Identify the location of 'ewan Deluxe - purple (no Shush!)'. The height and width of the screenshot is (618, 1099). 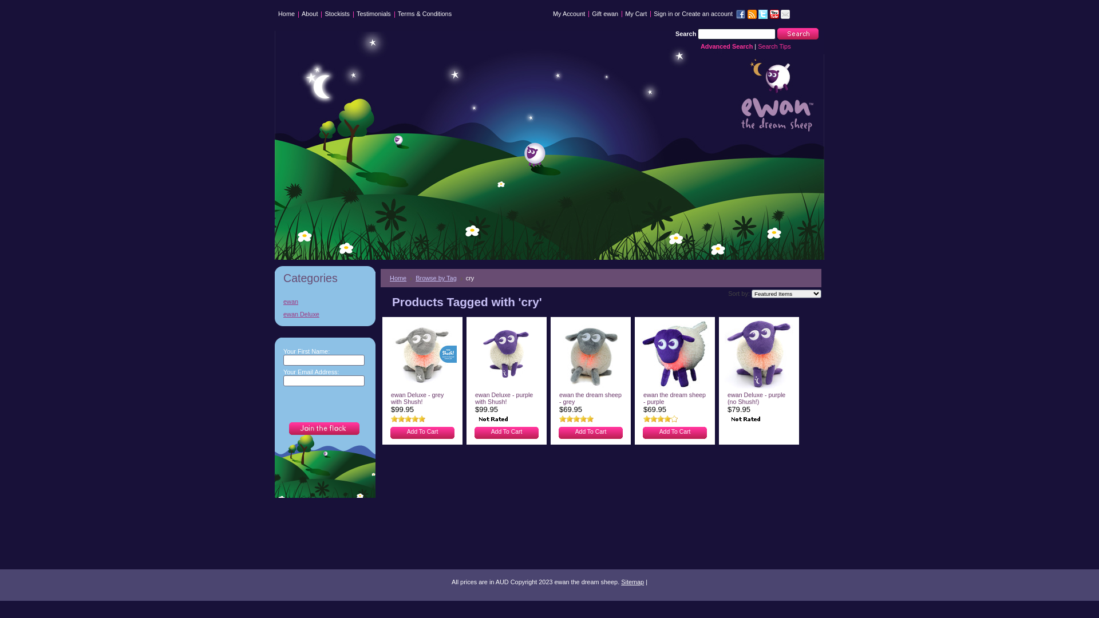
(756, 398).